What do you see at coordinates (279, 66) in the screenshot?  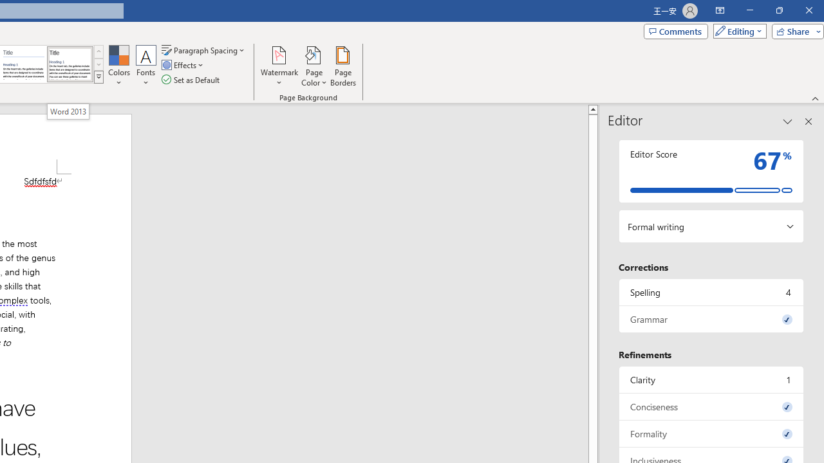 I see `'Watermark'` at bounding box center [279, 66].